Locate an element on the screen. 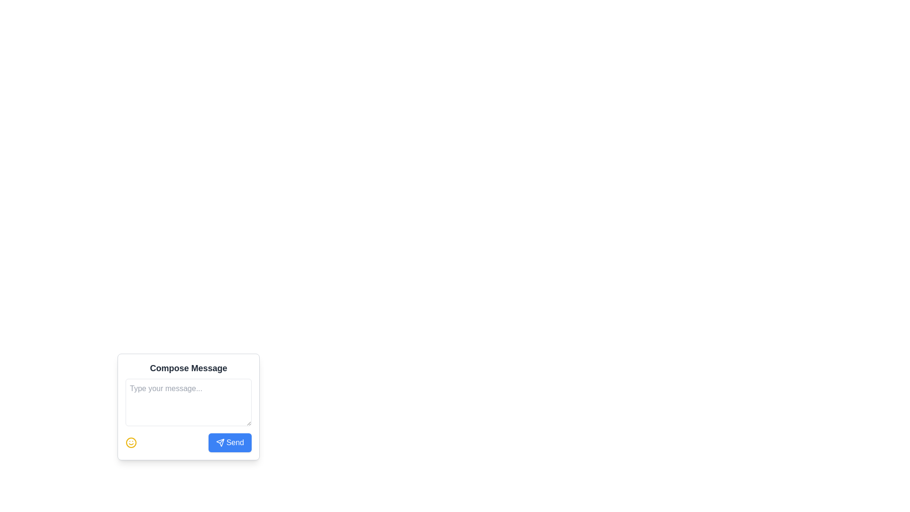 The height and width of the screenshot is (512, 910). the blue 'Send' button located in the bottom-right corner of the message composition area to send a message is located at coordinates (230, 442).